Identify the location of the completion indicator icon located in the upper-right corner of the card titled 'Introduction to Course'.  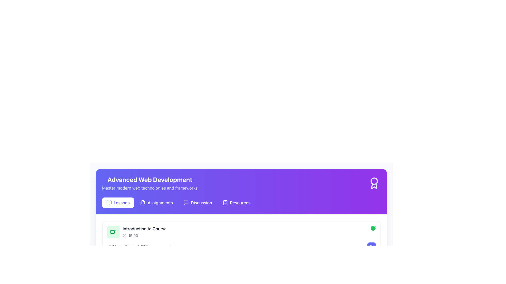
(373, 228).